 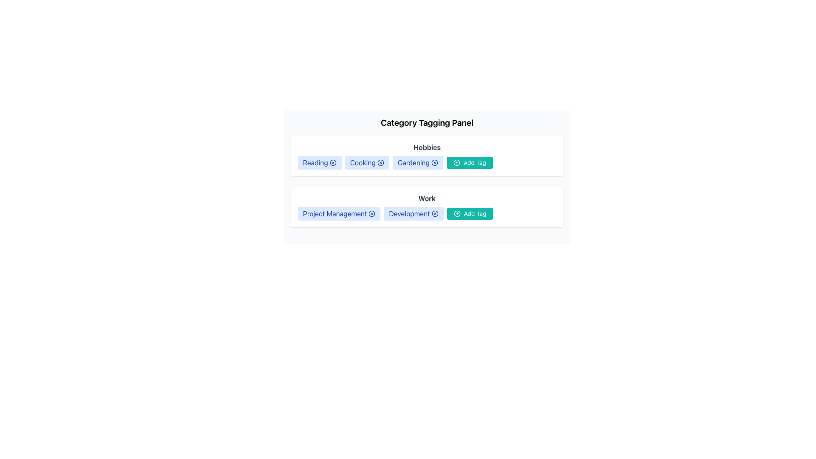 I want to click on the blue circular 'x' icon on the 'Project Management' tag, so click(x=339, y=213).